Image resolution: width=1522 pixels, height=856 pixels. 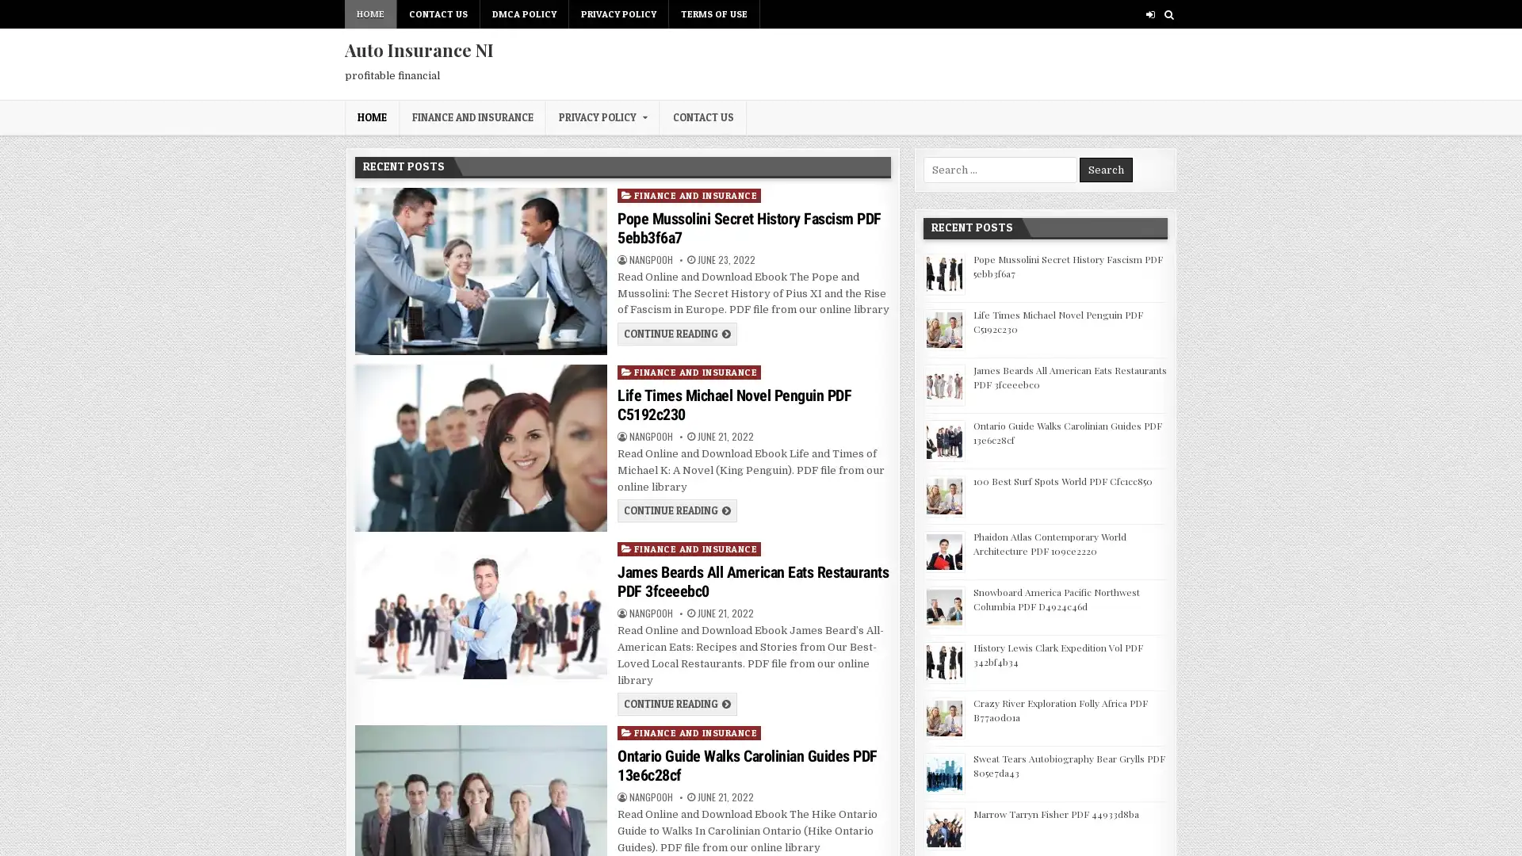 I want to click on Search, so click(x=1105, y=170).